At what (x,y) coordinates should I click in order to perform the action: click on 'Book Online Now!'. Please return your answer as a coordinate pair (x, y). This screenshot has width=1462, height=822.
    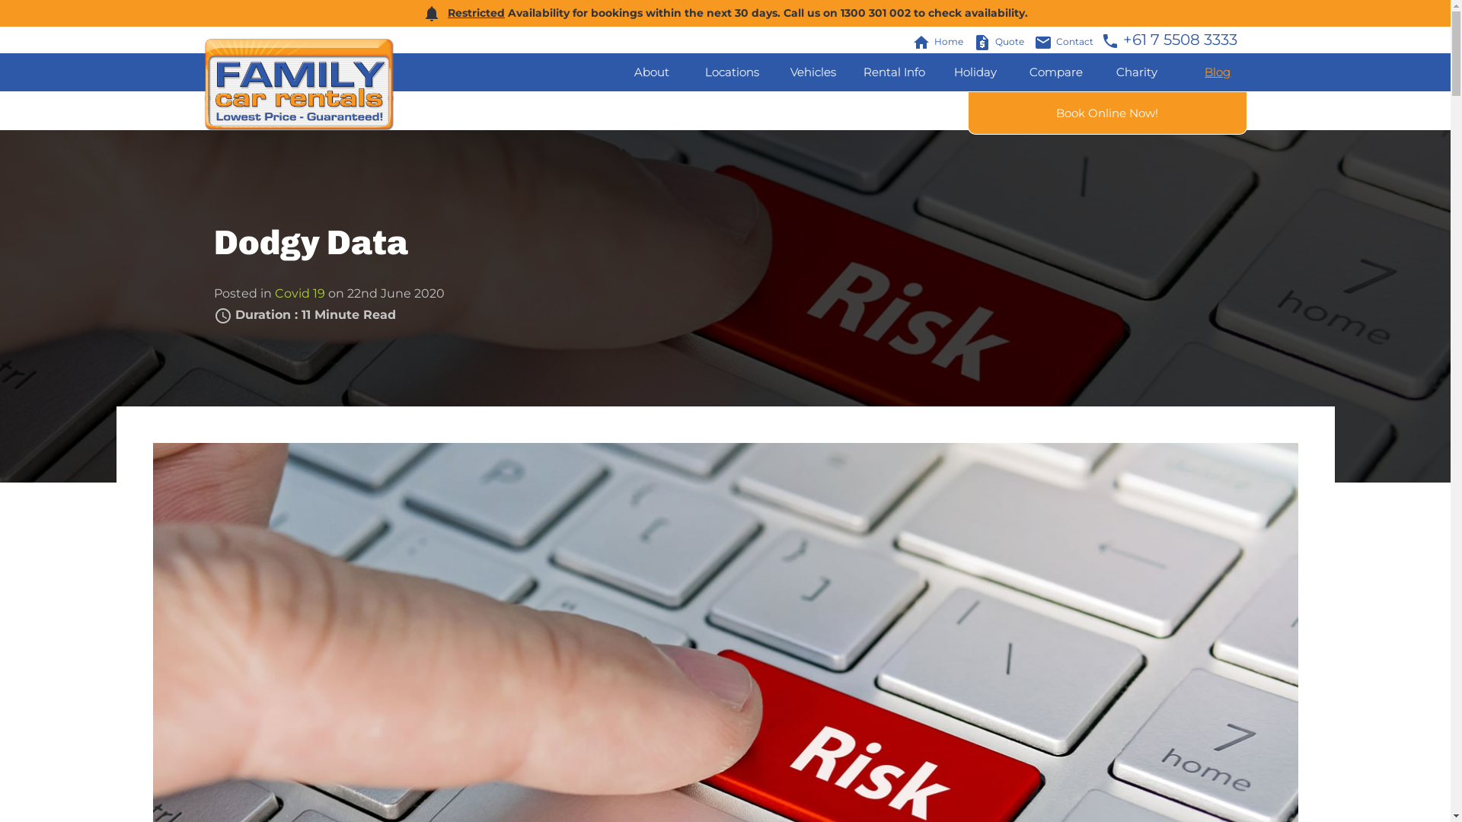
    Looking at the image, I should click on (1107, 112).